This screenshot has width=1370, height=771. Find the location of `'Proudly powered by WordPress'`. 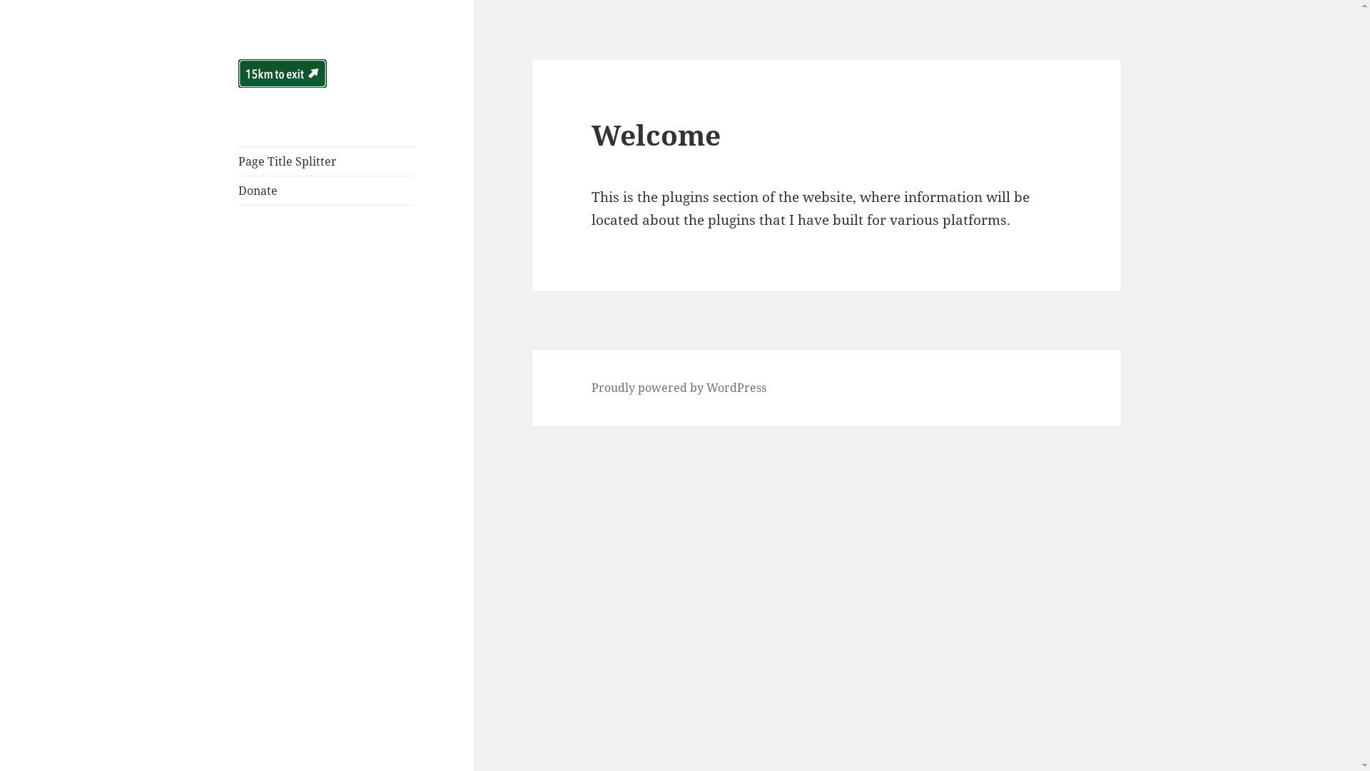

'Proudly powered by WordPress' is located at coordinates (678, 388).